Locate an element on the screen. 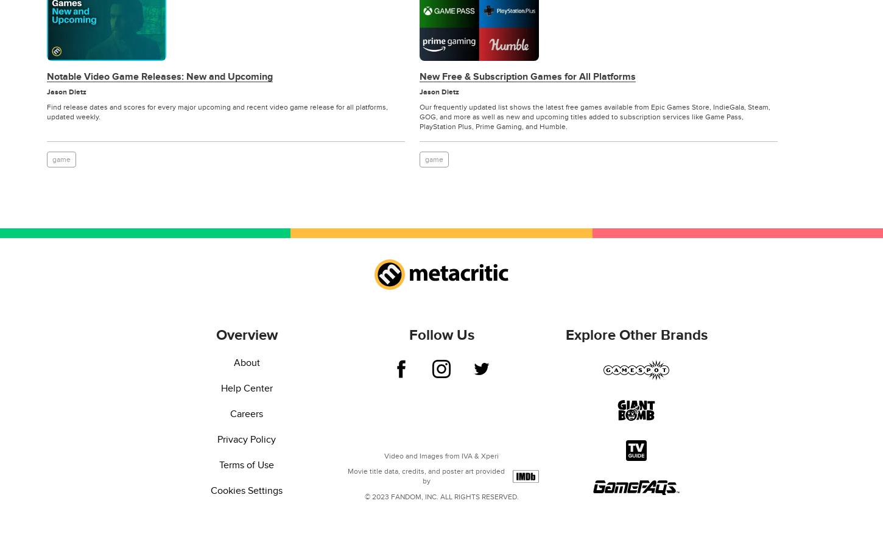  'Explore Other Brands' is located at coordinates (636, 334).